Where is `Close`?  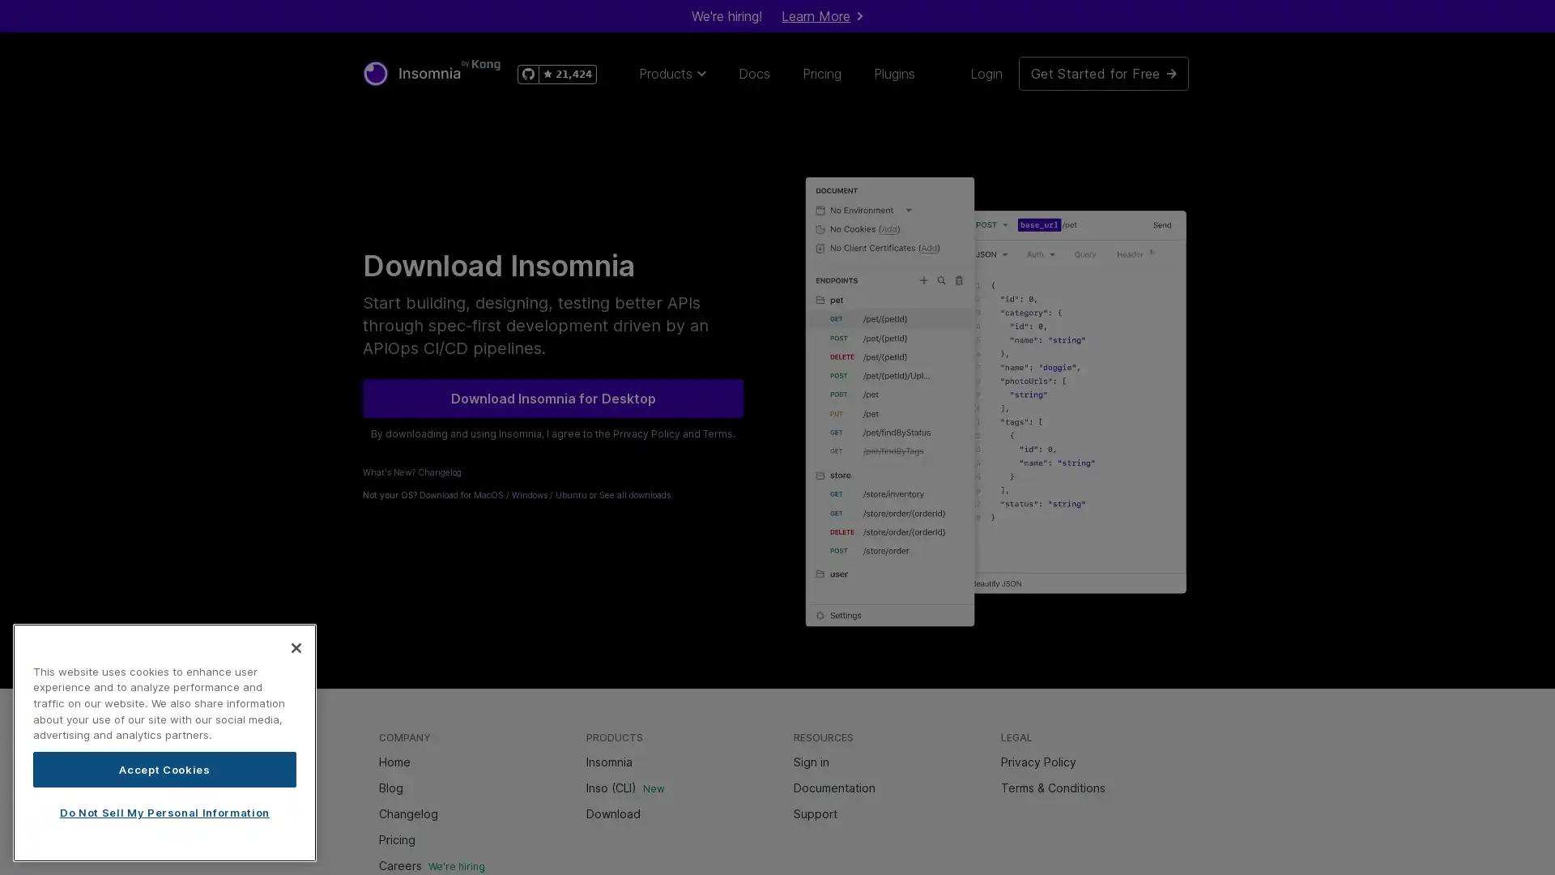
Close is located at coordinates (296, 646).